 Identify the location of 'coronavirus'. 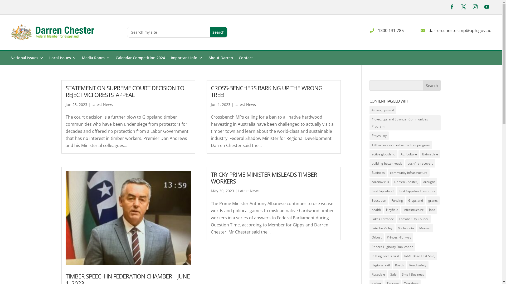
(369, 181).